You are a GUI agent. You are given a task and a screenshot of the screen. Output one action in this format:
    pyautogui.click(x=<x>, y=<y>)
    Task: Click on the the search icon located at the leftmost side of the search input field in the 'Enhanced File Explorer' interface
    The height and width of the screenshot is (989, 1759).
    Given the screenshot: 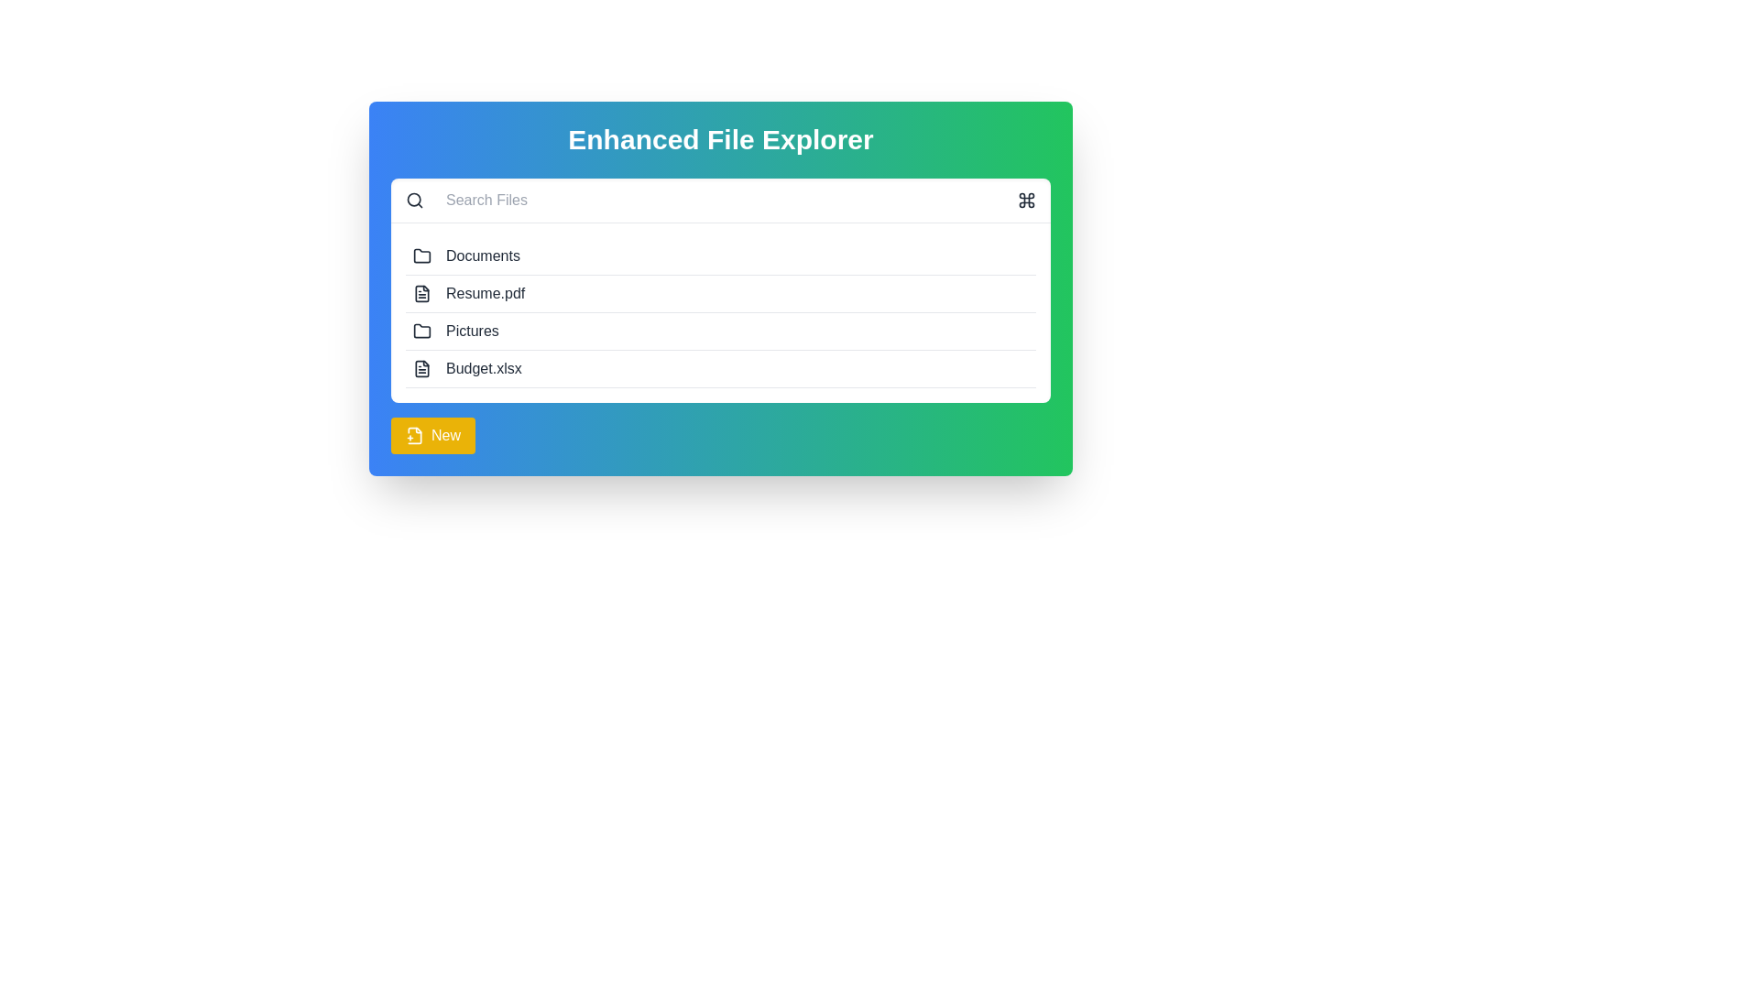 What is the action you would take?
    pyautogui.click(x=413, y=201)
    